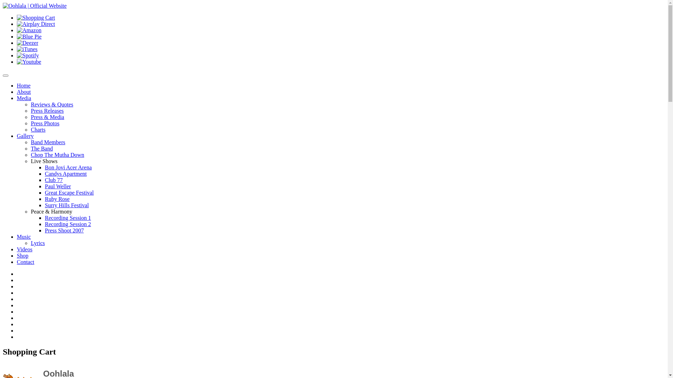 This screenshot has width=673, height=378. What do you see at coordinates (30, 123) in the screenshot?
I see `'Press Photos'` at bounding box center [30, 123].